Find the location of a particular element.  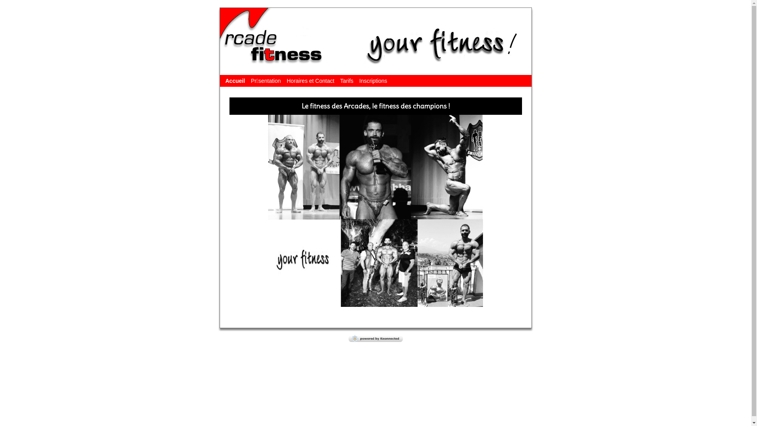

'Horaires et Contact' is located at coordinates (310, 80).